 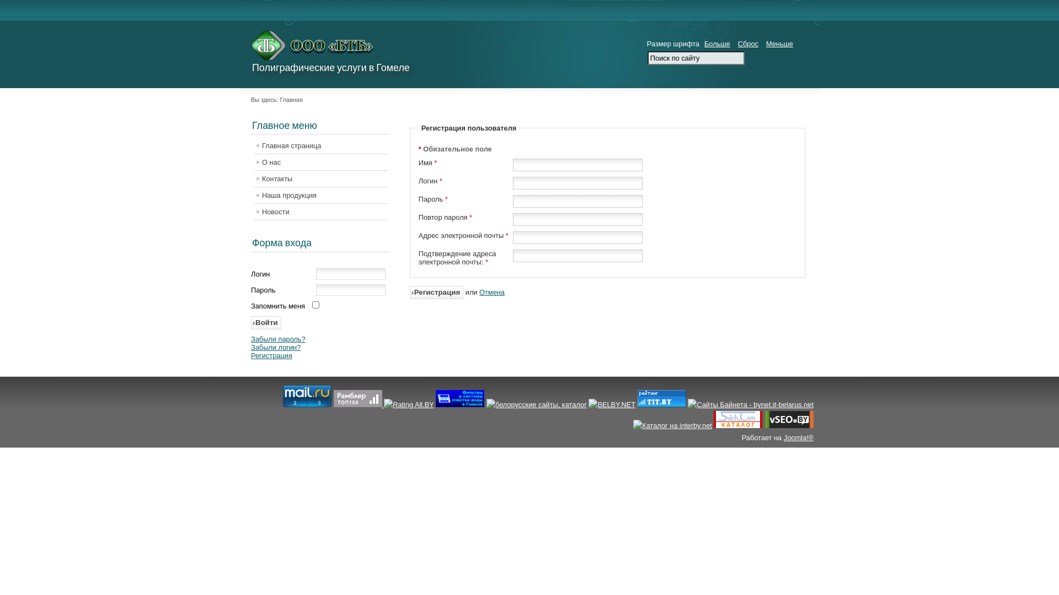 What do you see at coordinates (333, 398) in the screenshot?
I see `'Rambler's Top100'` at bounding box center [333, 398].